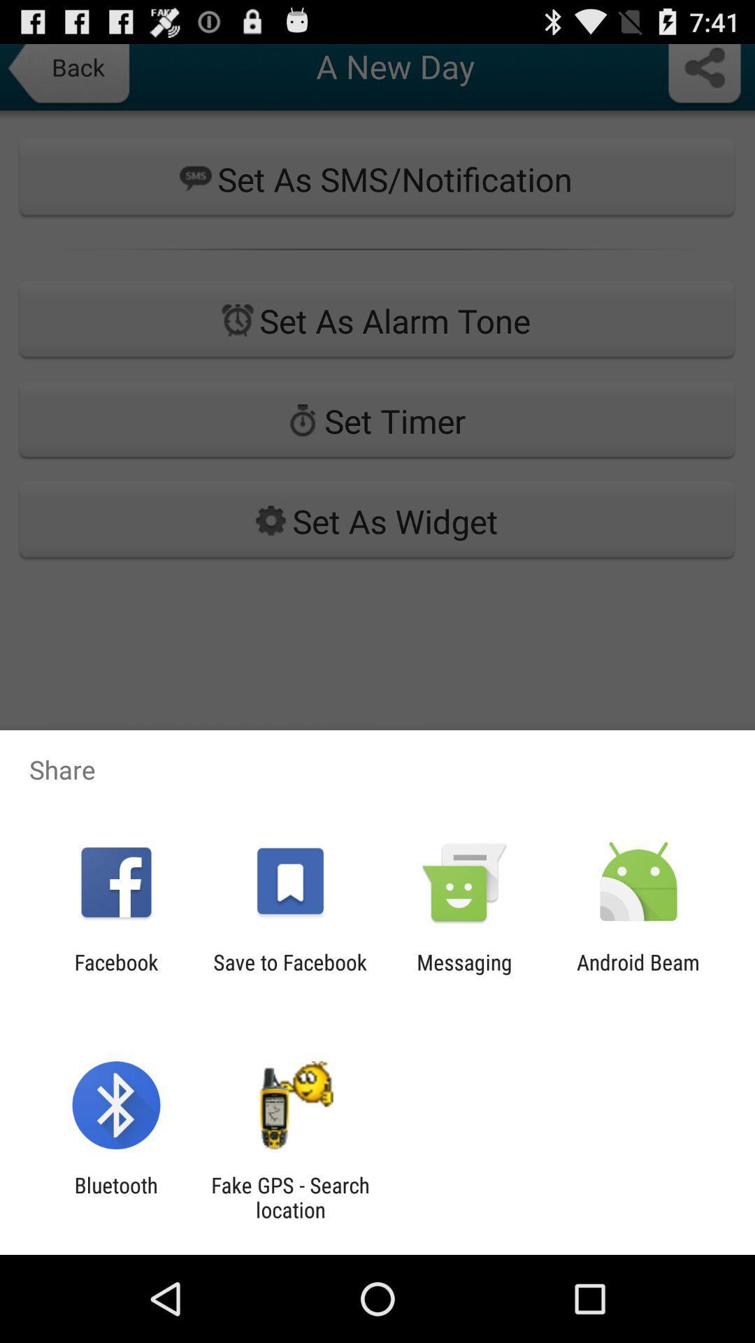 The width and height of the screenshot is (755, 1343). What do you see at coordinates (638, 974) in the screenshot?
I see `android beam` at bounding box center [638, 974].